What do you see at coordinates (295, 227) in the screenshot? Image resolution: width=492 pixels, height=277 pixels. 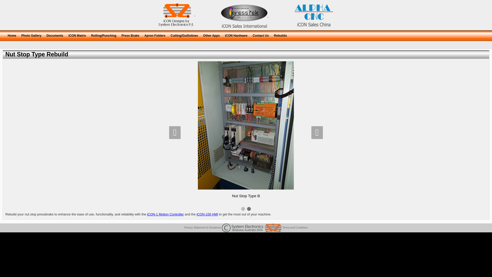 I see `'Terms and Conditions'` at bounding box center [295, 227].